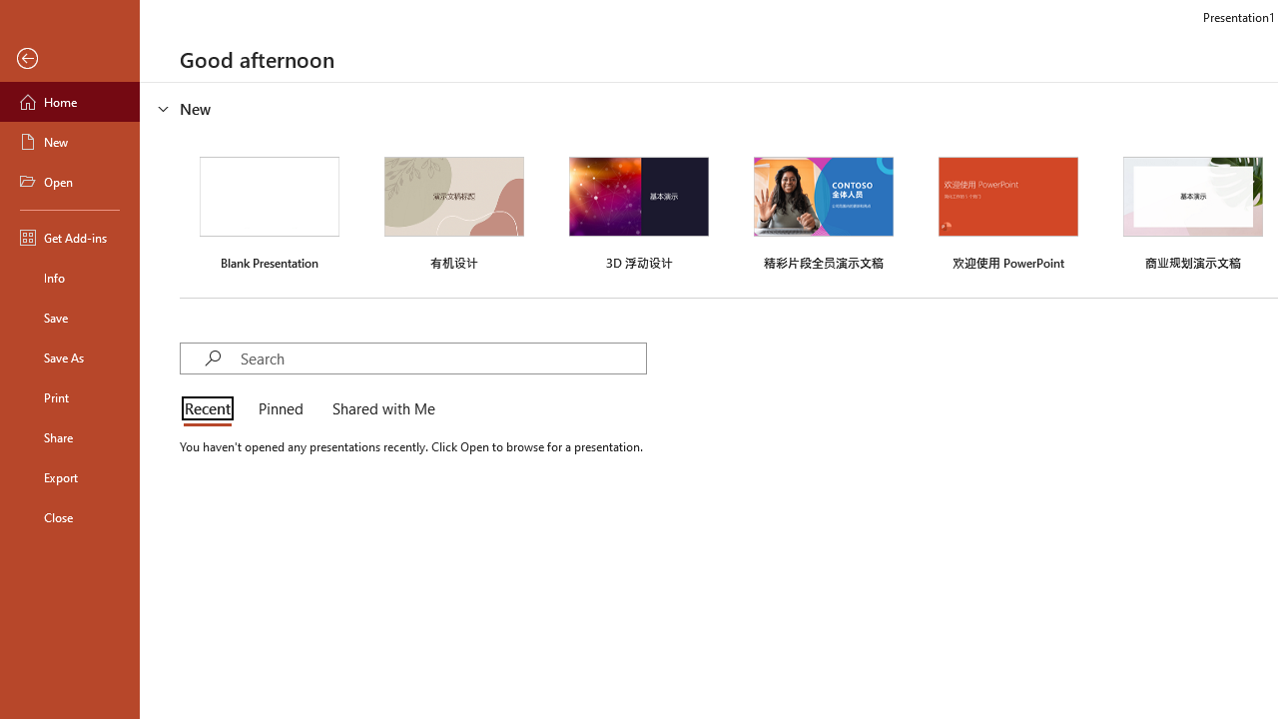 This screenshot has height=719, width=1278. Describe the element at coordinates (69, 477) in the screenshot. I see `'Export'` at that location.